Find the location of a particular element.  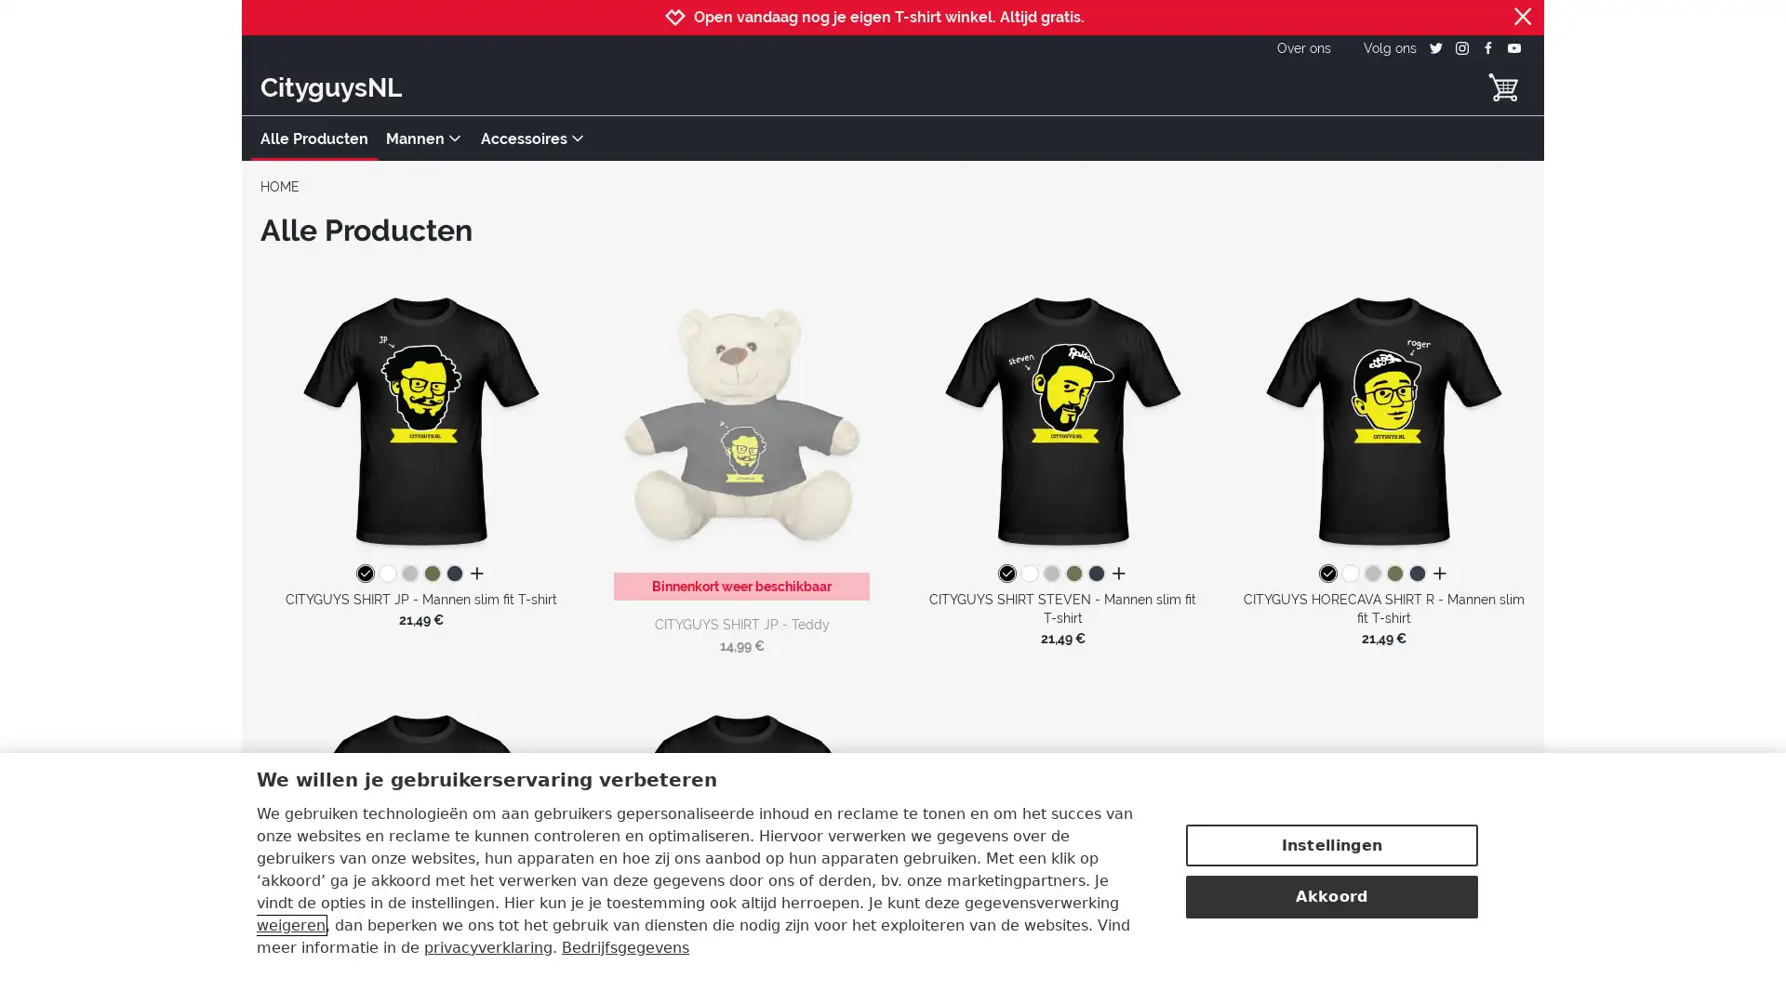

CITYGUYS SHIRT MATTHIJS - Mannen slim fit T-shirt is located at coordinates (740, 835).